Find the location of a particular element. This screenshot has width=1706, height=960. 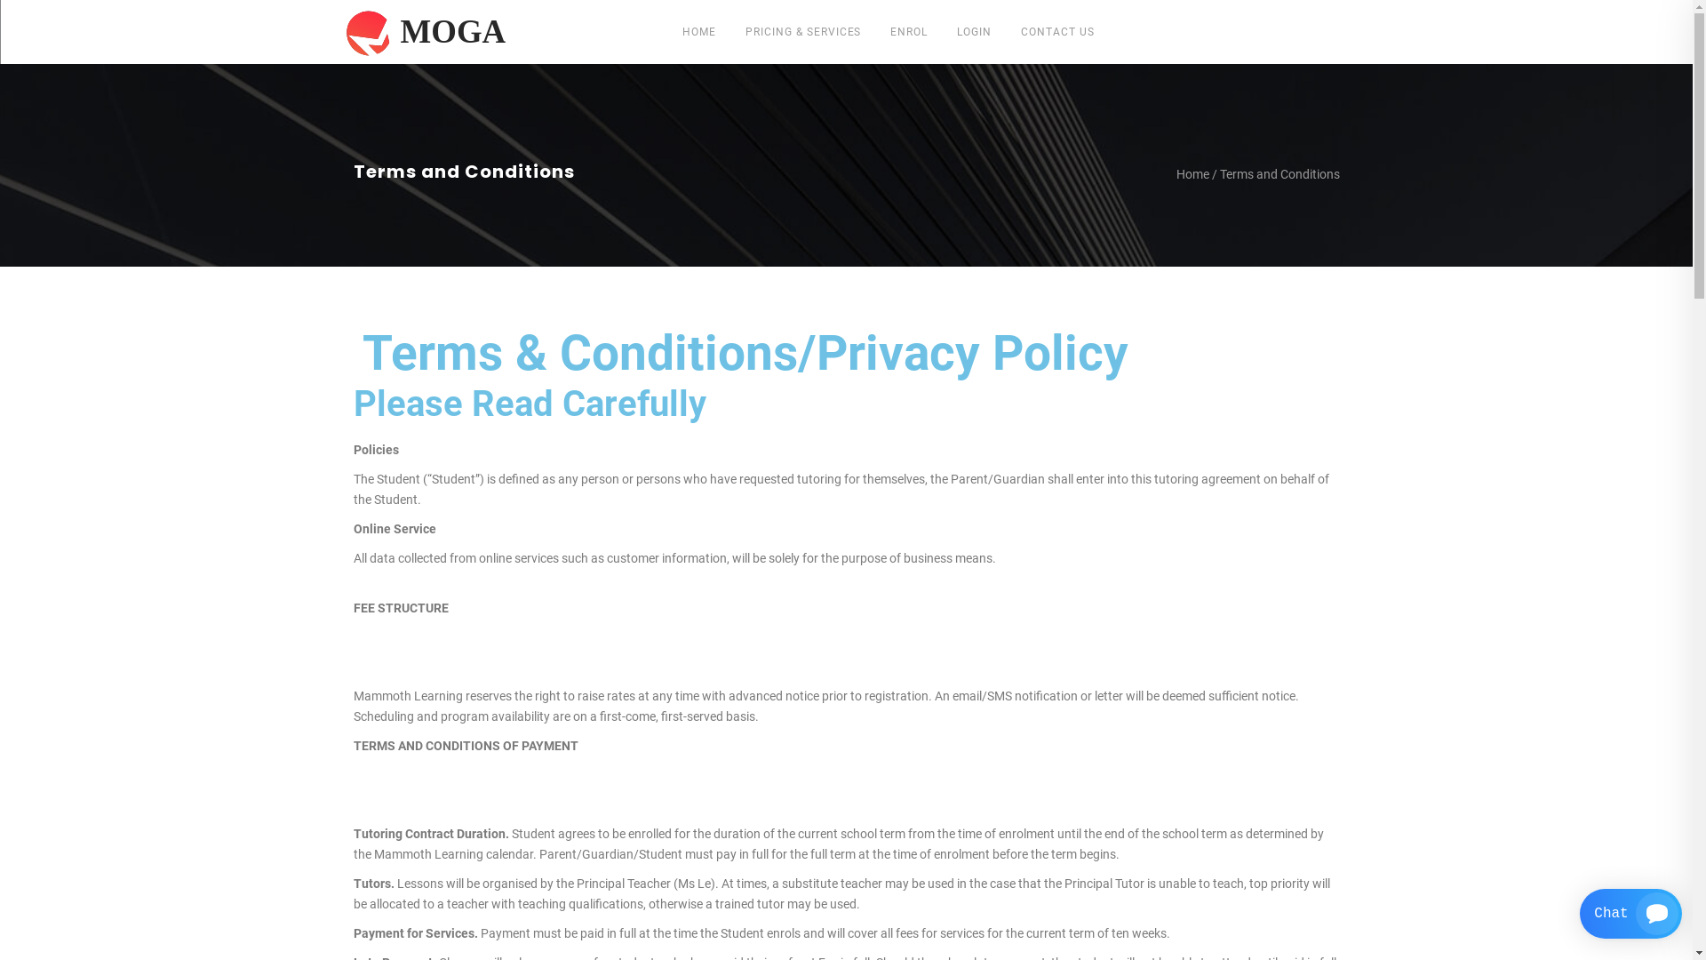

'PRICING & SERVICES' is located at coordinates (801, 31).